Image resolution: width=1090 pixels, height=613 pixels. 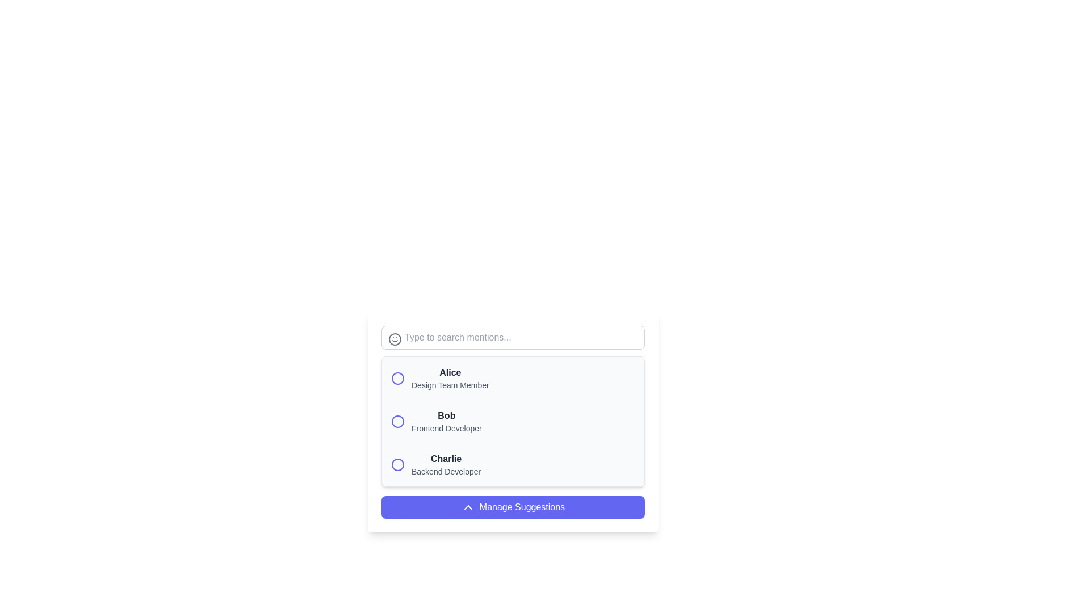 I want to click on the second item in the vertical list representing the selectable option for 'Bob', so click(x=512, y=422).